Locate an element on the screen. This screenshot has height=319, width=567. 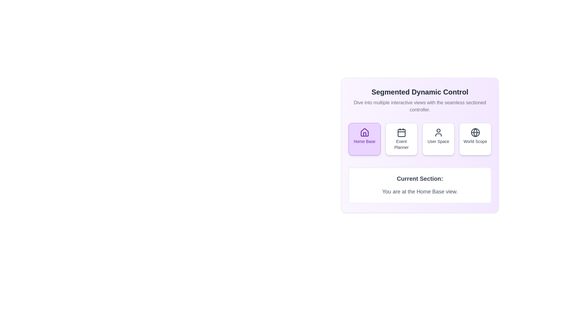
the 'Event Planner' button, which is a white button with rounded corners containing a calendar icon and the text 'Event Planner' is located at coordinates (401, 139).